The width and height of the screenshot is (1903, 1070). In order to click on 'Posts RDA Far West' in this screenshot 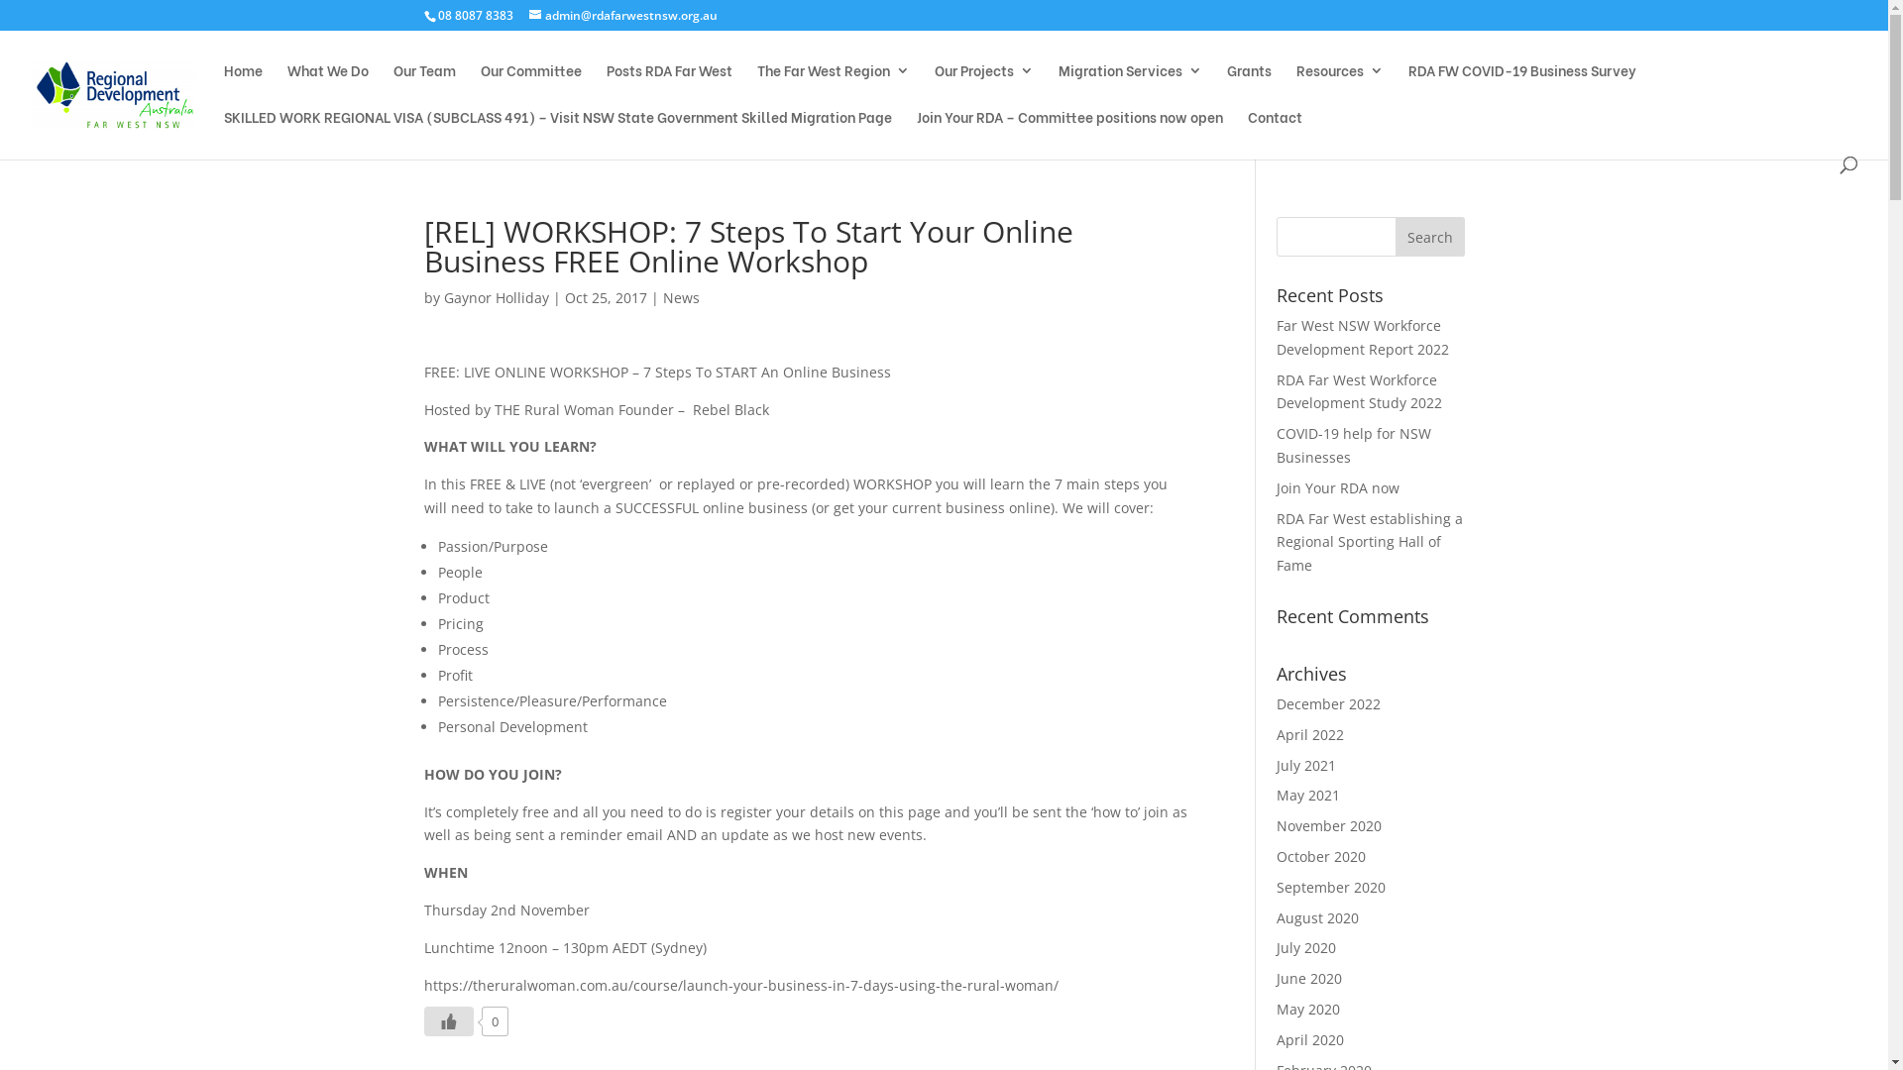, I will do `click(669, 85)`.